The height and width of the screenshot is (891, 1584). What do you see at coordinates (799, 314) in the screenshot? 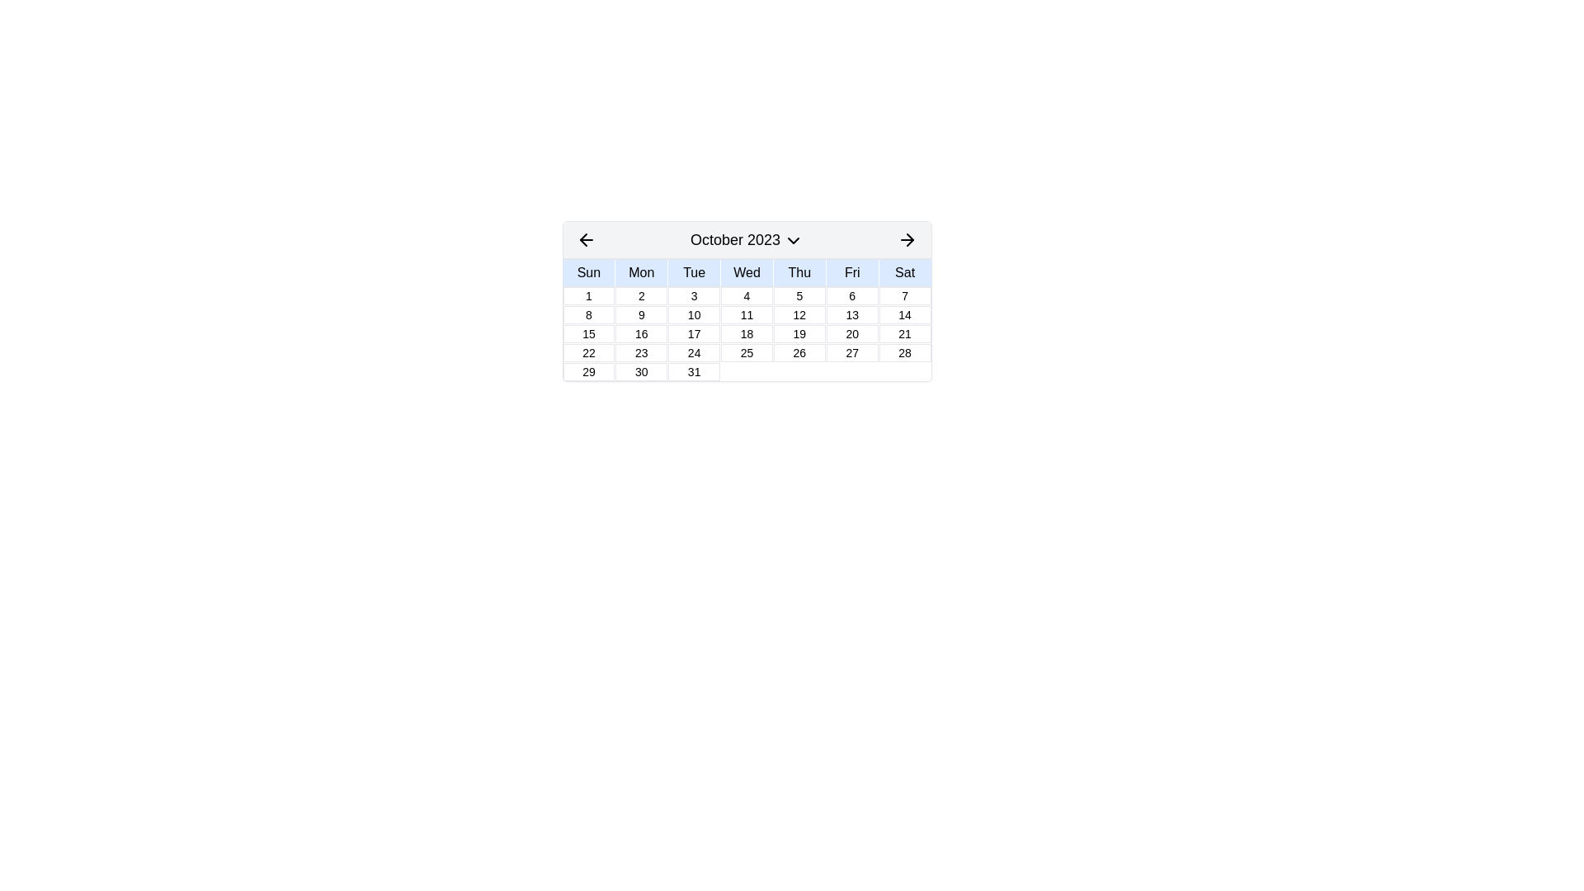
I see `the text label displaying the number '12' in the calendar grid for visual feedback` at bounding box center [799, 314].